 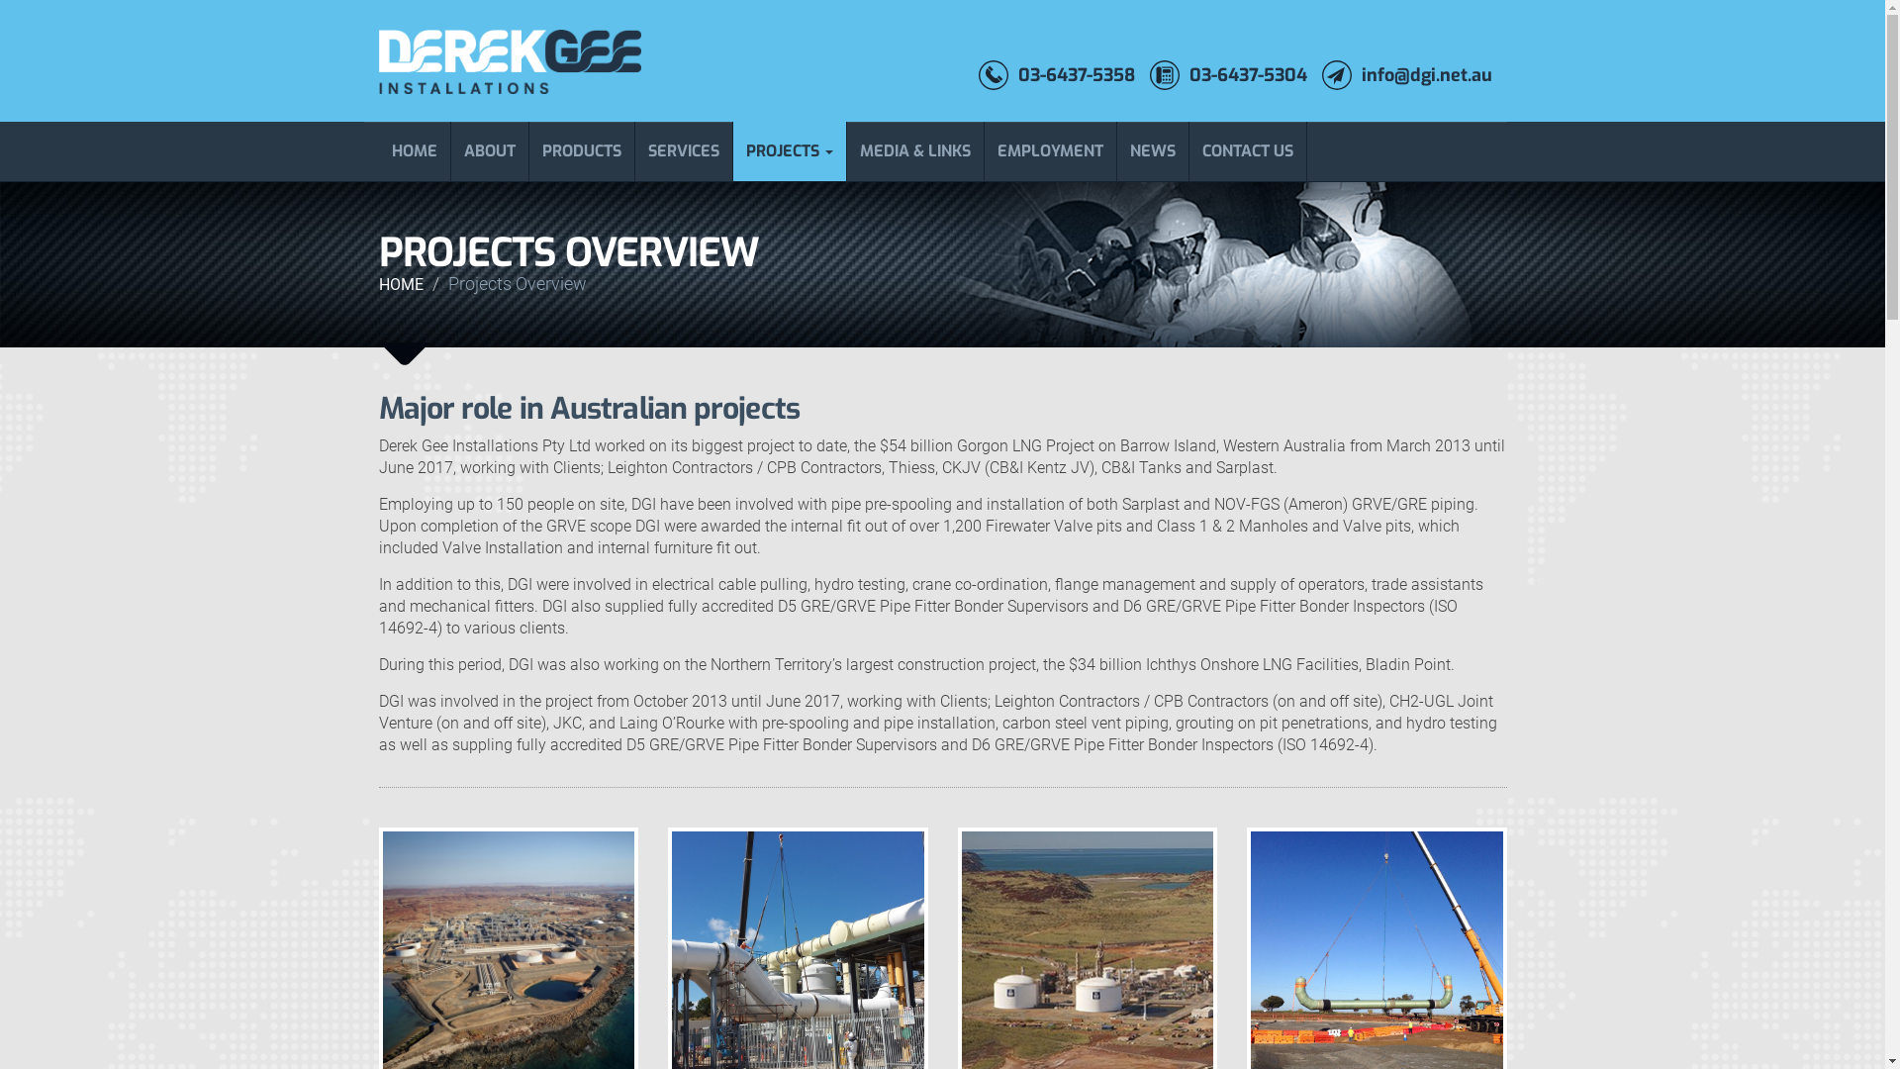 I want to click on 'MEDIA & LINKS', so click(x=914, y=150).